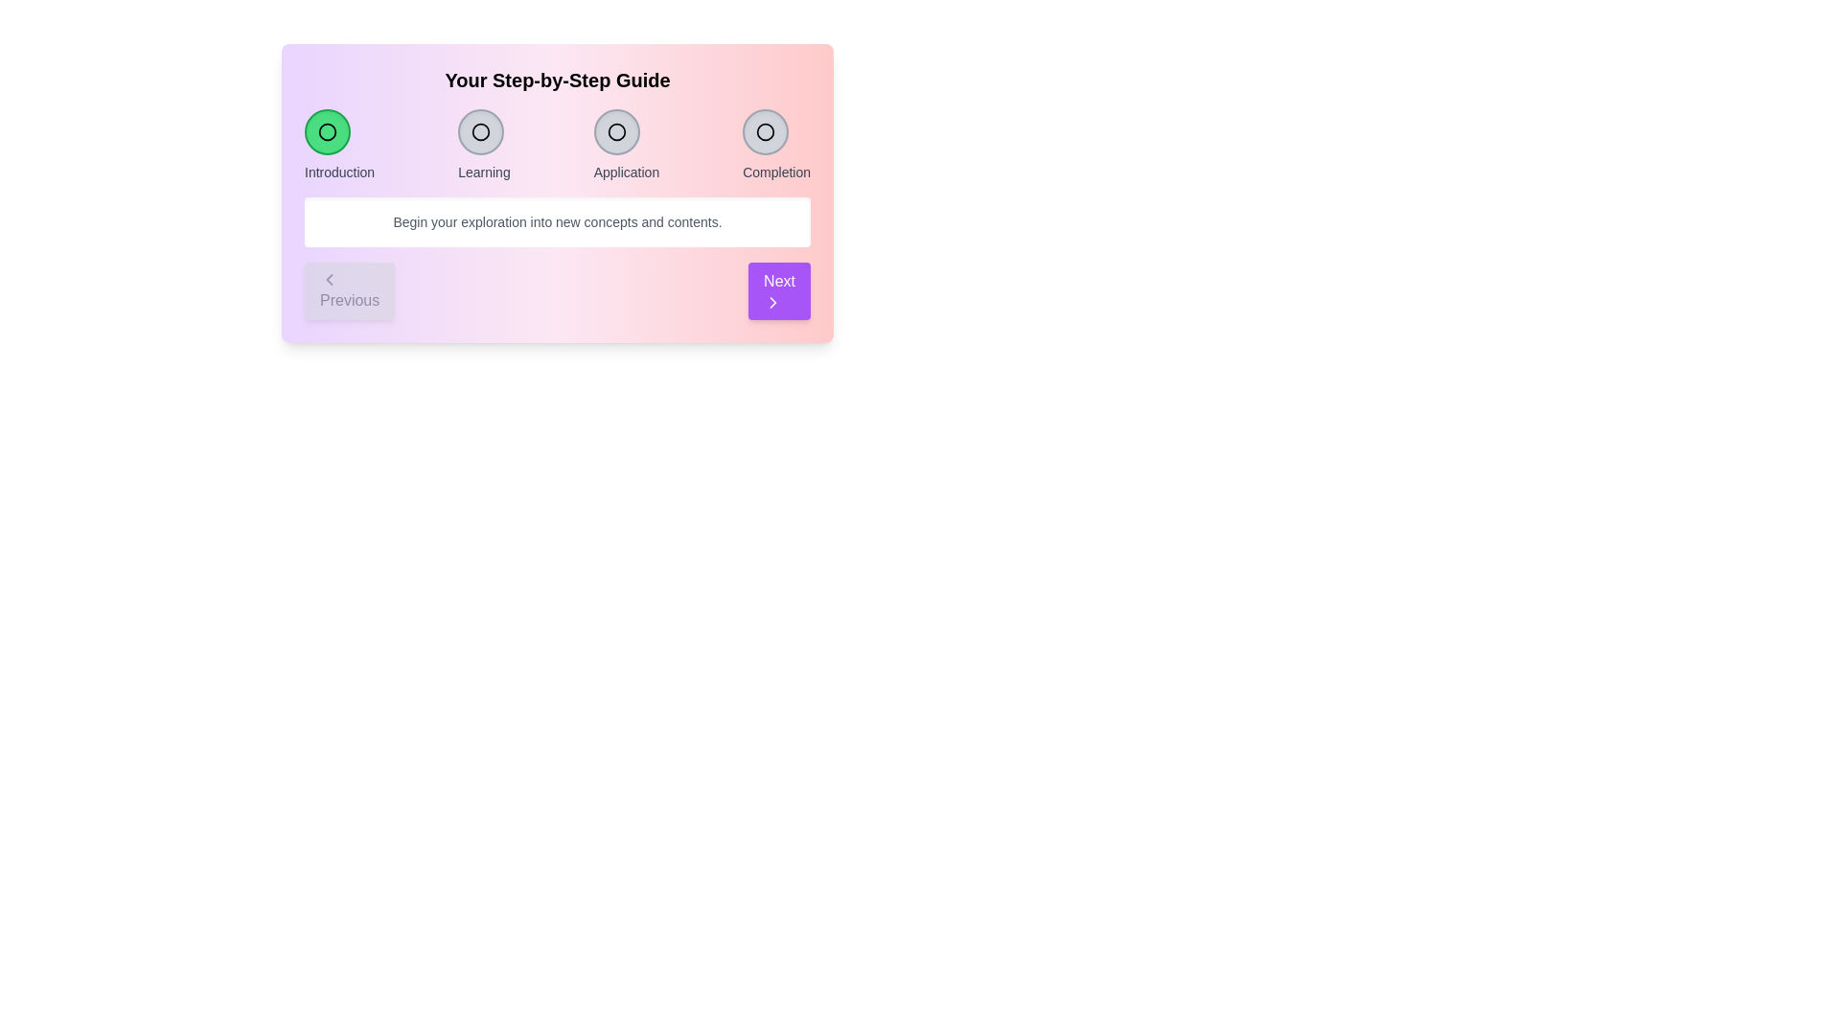  I want to click on the text label positioned below the circular icon associated with the 'Completion' step in the multi-step process UI, so click(776, 172).